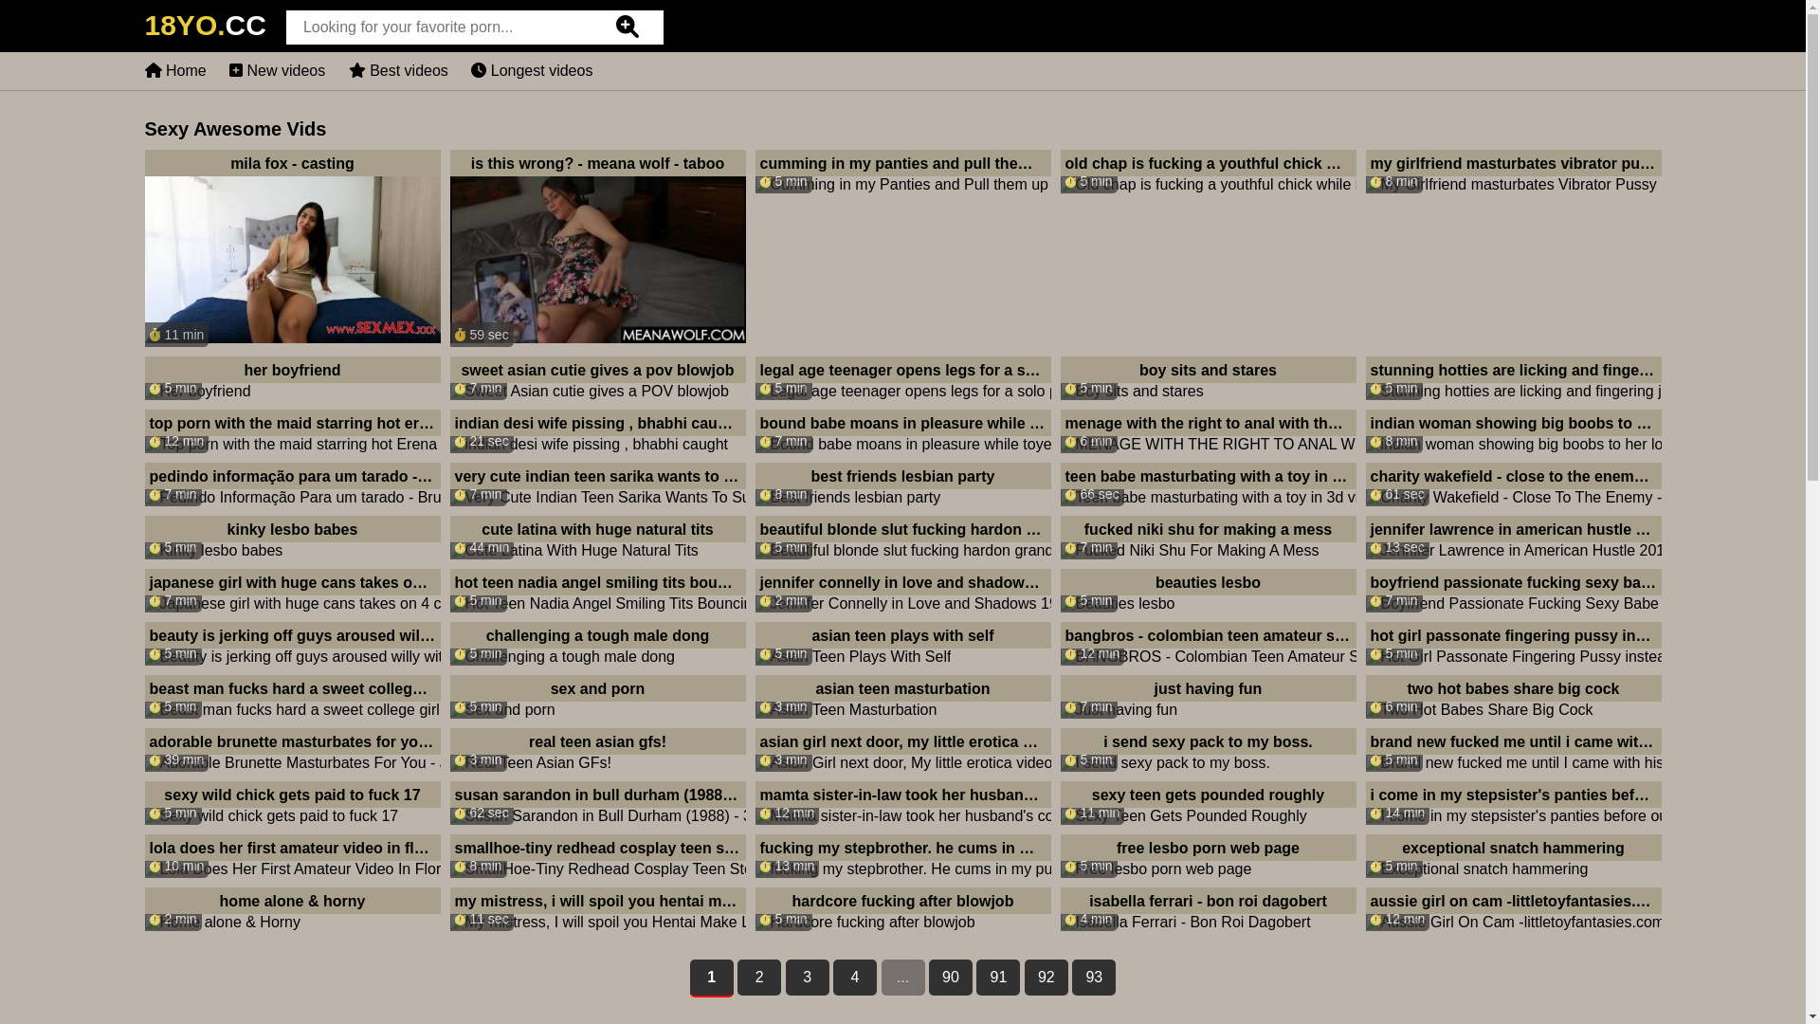  Describe the element at coordinates (736, 977) in the screenshot. I see `'2'` at that location.